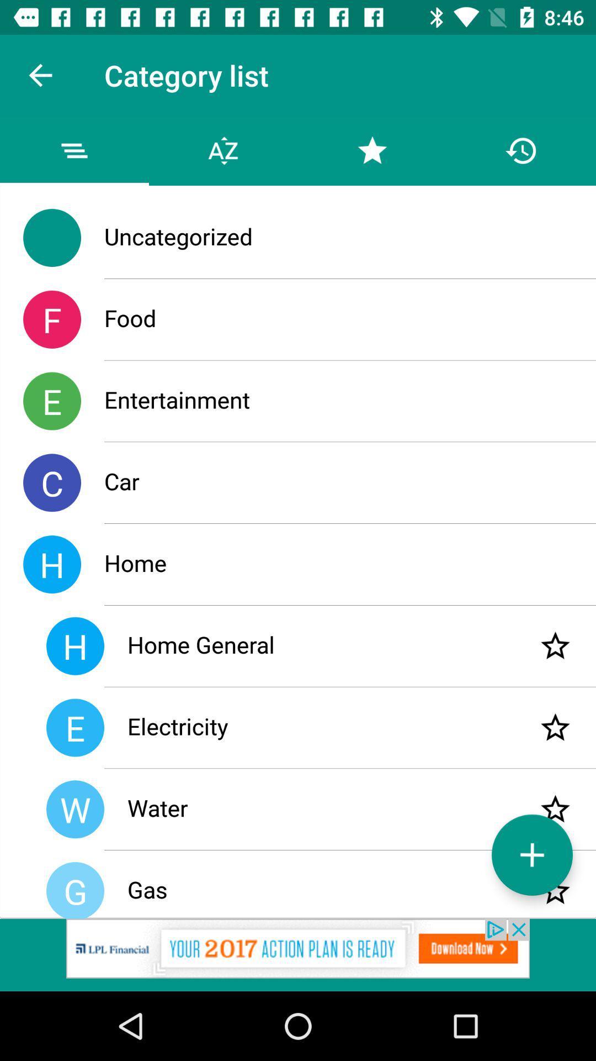 The width and height of the screenshot is (596, 1061). Describe the element at coordinates (555, 809) in the screenshot. I see `option unchecked` at that location.